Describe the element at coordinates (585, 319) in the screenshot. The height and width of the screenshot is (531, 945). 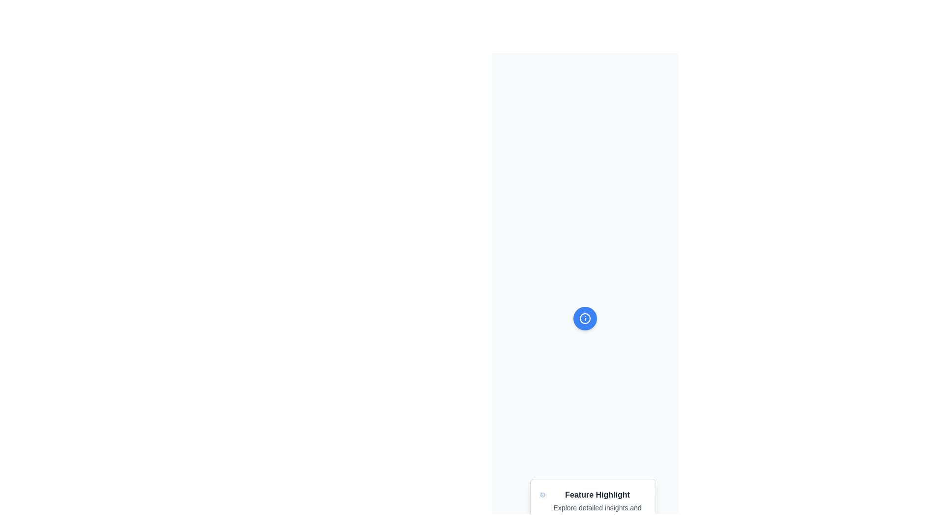
I see `the circular icon with an information symbol ('i') on a blue background` at that location.